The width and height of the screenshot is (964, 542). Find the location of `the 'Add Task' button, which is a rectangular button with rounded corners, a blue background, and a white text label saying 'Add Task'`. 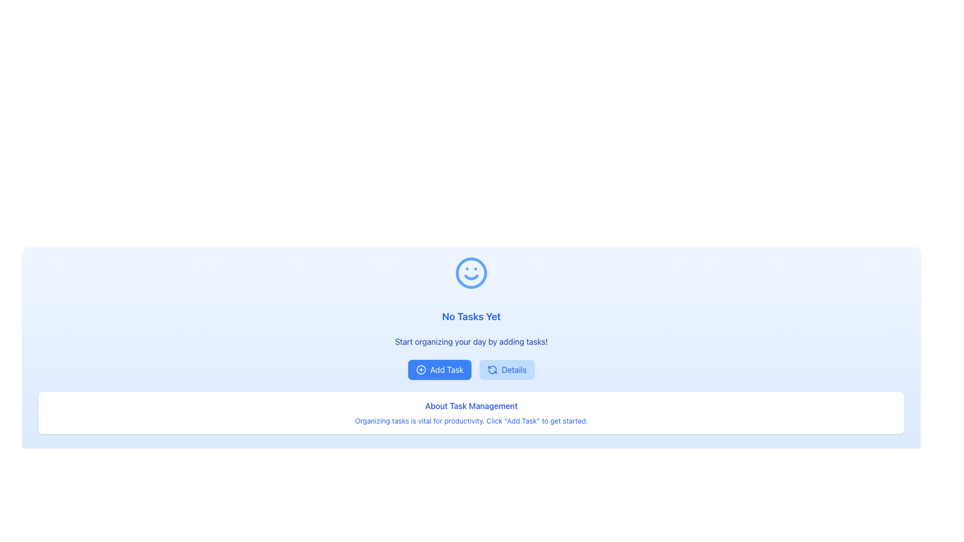

the 'Add Task' button, which is a rectangular button with rounded corners, a blue background, and a white text label saying 'Add Task' is located at coordinates (439, 369).